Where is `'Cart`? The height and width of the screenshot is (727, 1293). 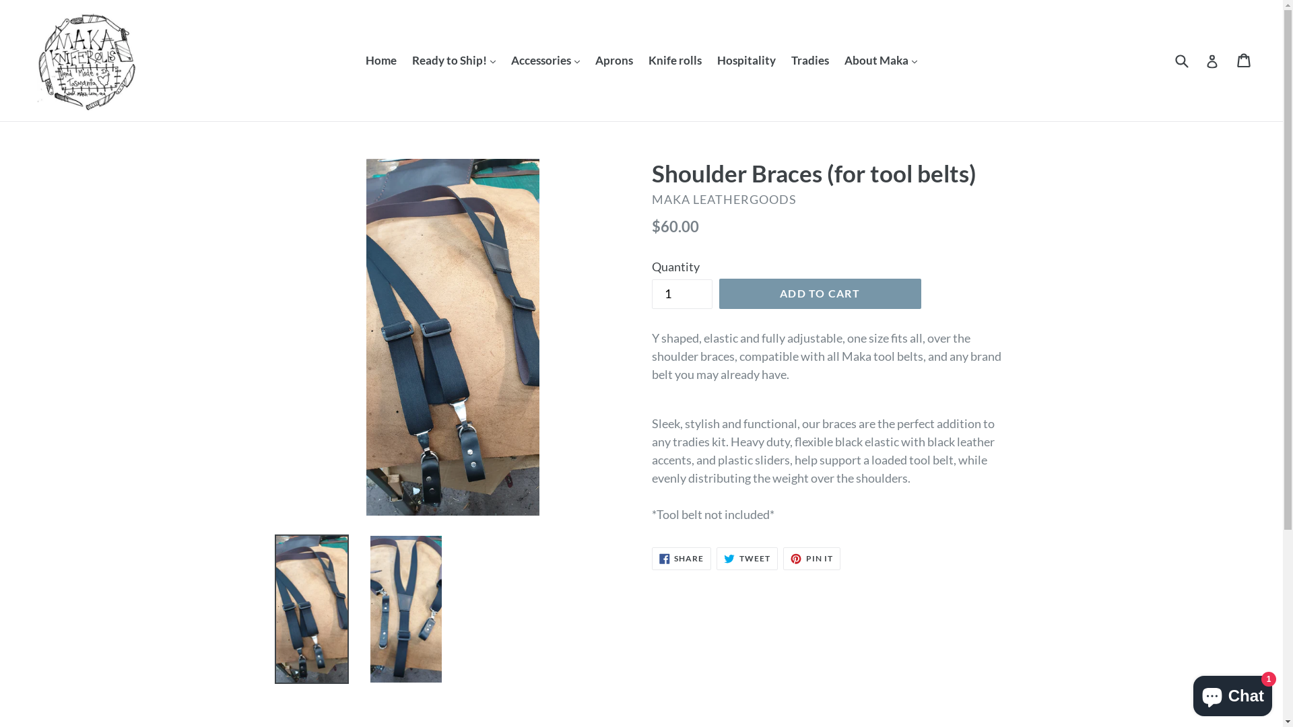
'Cart is located at coordinates (1244, 59).